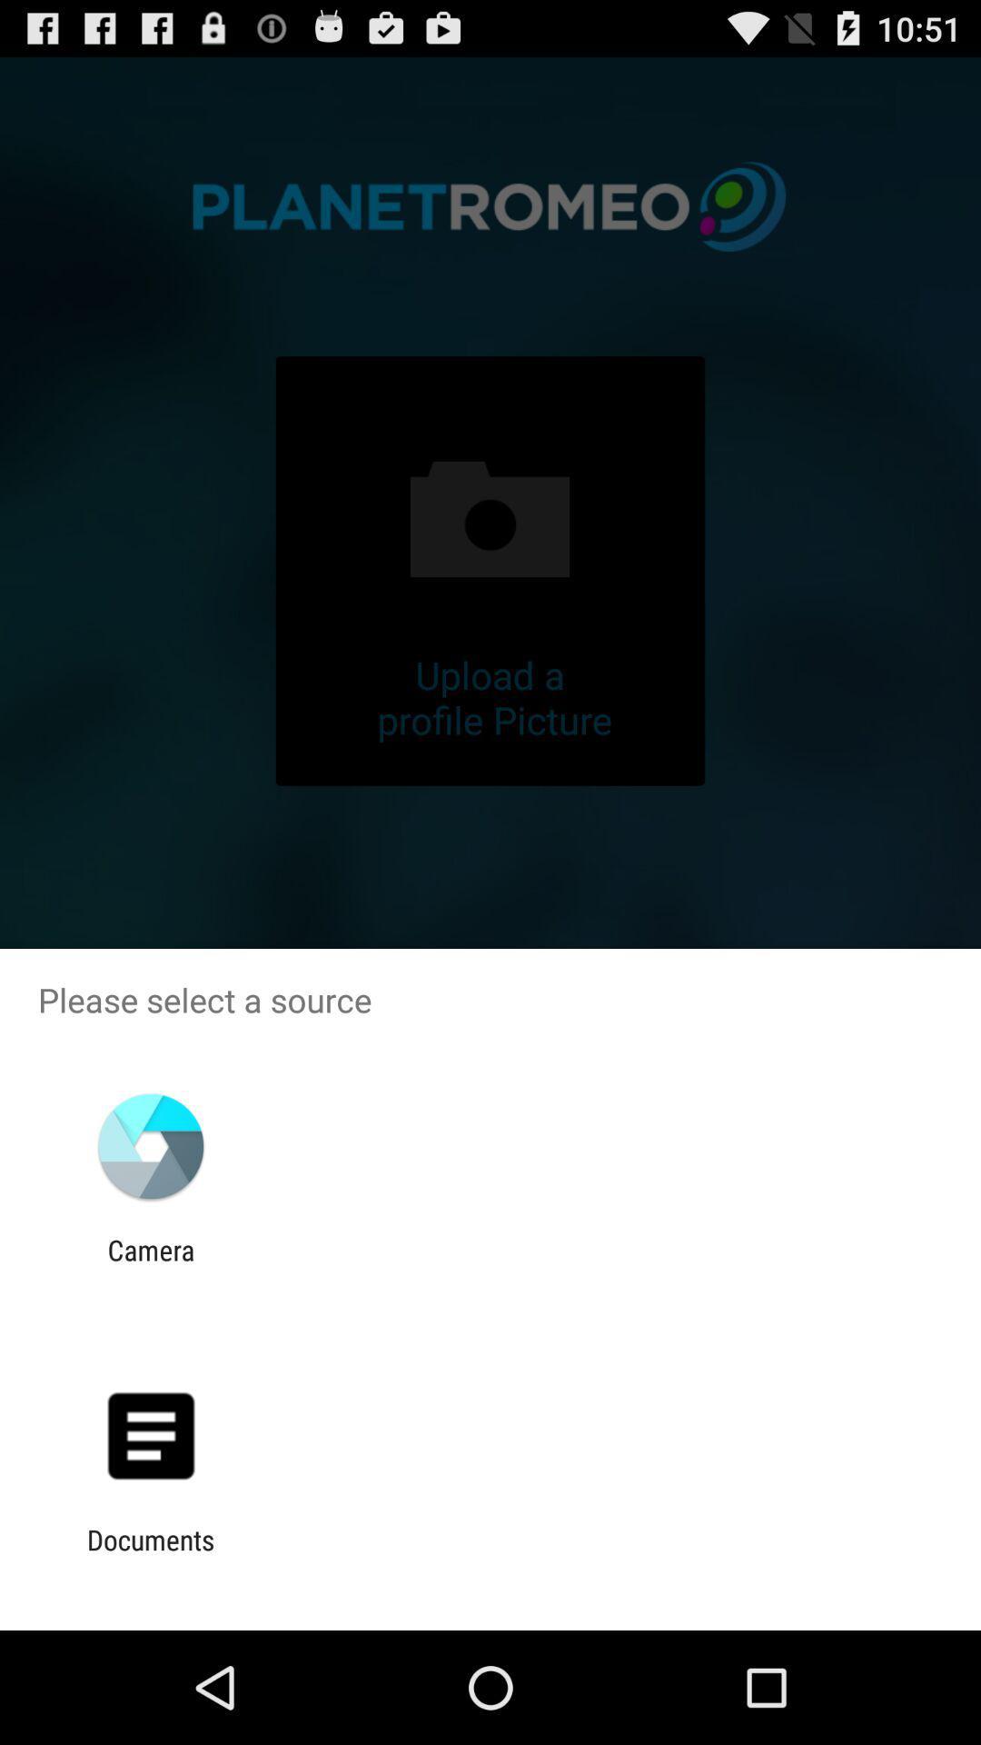  Describe the element at coordinates (150, 1265) in the screenshot. I see `camera` at that location.